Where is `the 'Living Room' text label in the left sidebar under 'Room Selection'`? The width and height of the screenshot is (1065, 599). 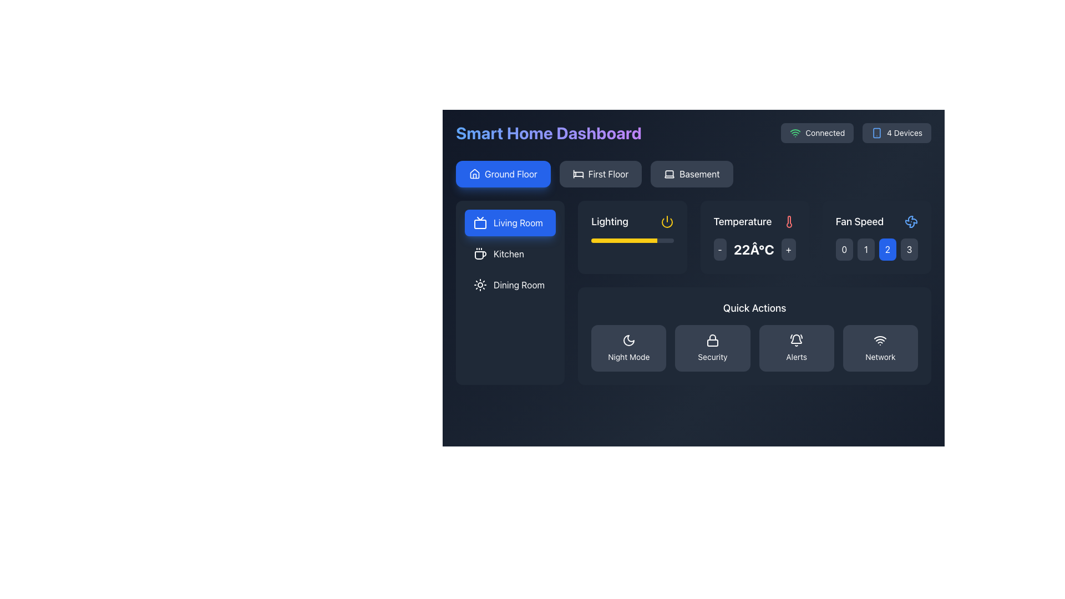
the 'Living Room' text label in the left sidebar under 'Room Selection' is located at coordinates (518, 222).